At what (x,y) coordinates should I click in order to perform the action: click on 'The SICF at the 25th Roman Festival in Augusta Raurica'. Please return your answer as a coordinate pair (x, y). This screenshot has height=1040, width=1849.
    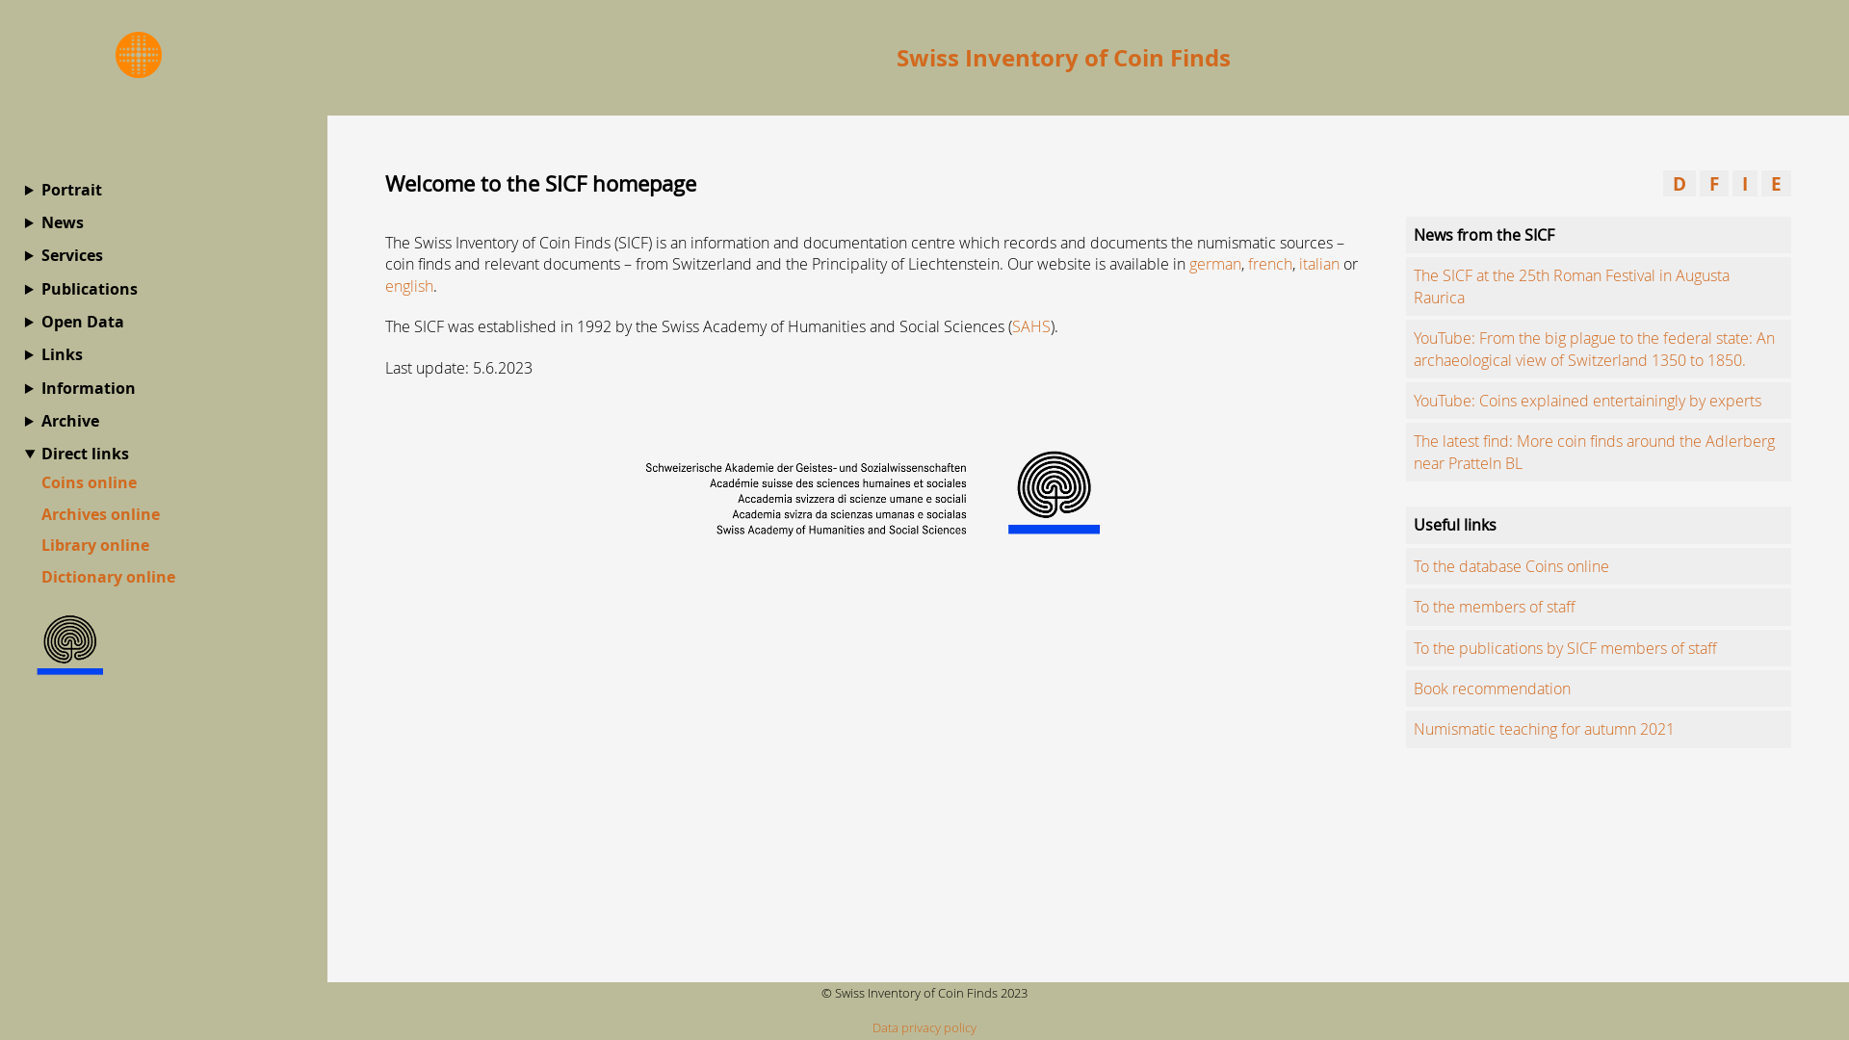
    Looking at the image, I should click on (1572, 286).